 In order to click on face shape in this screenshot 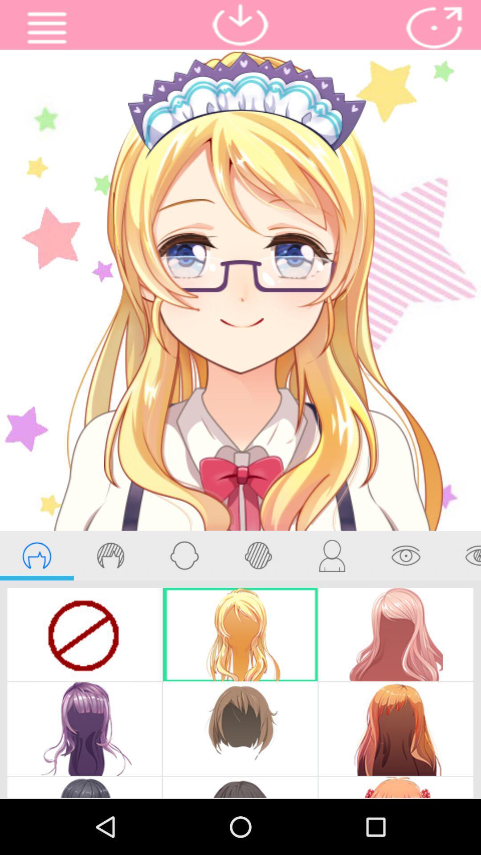, I will do `click(184, 555)`.